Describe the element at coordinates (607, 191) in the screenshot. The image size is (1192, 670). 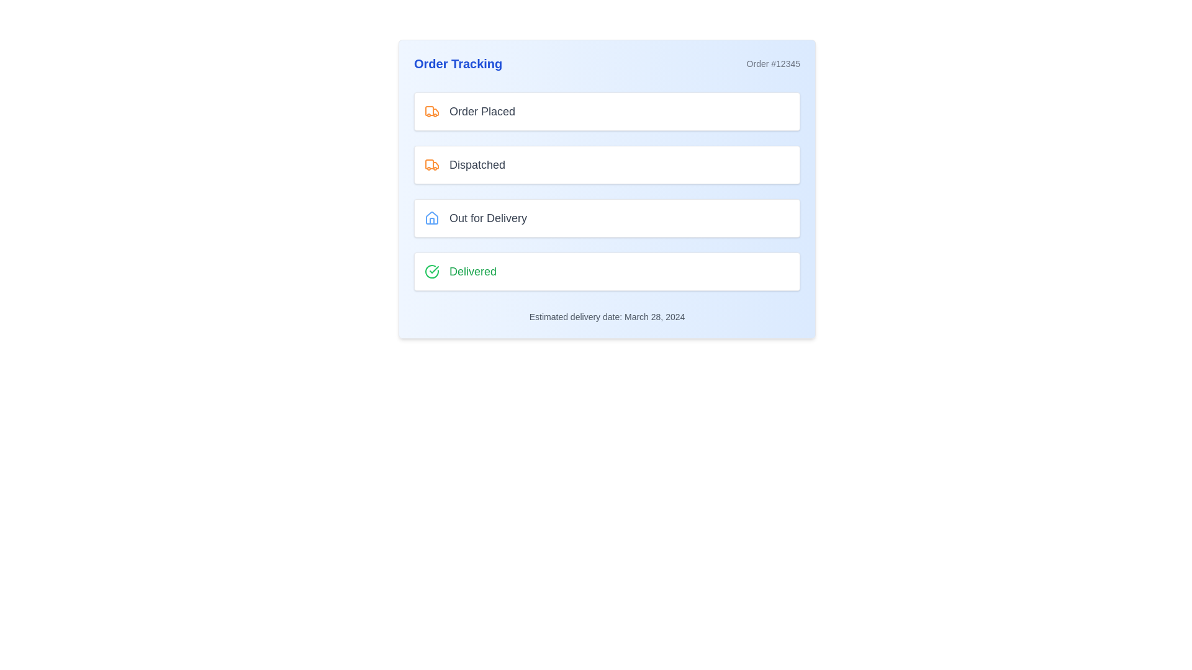
I see `the central progress tracker segmented into four distinct stages` at that location.